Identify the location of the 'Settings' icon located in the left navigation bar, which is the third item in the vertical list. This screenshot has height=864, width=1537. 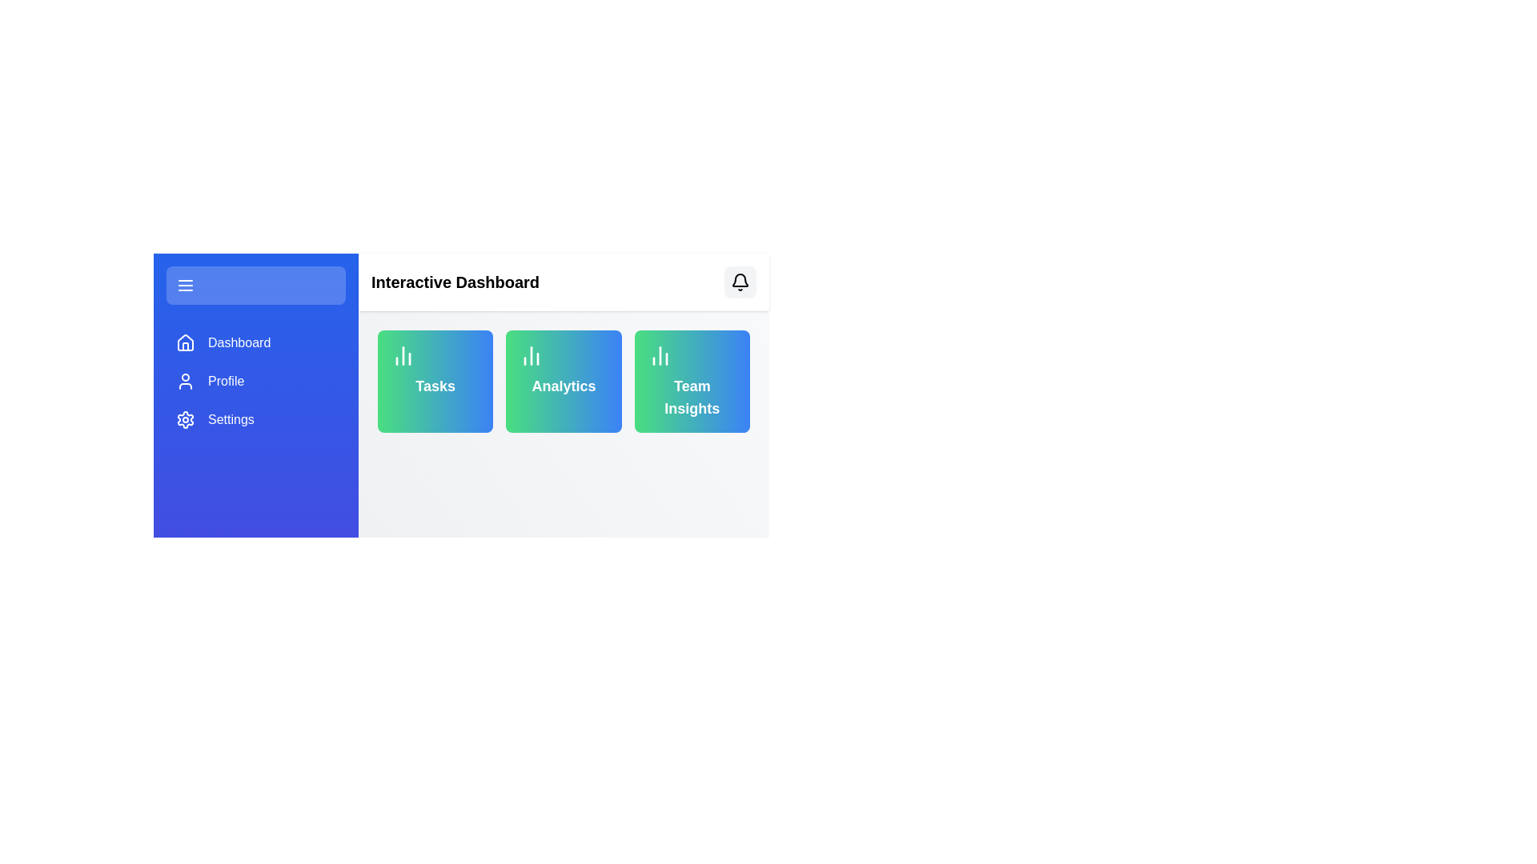
(185, 418).